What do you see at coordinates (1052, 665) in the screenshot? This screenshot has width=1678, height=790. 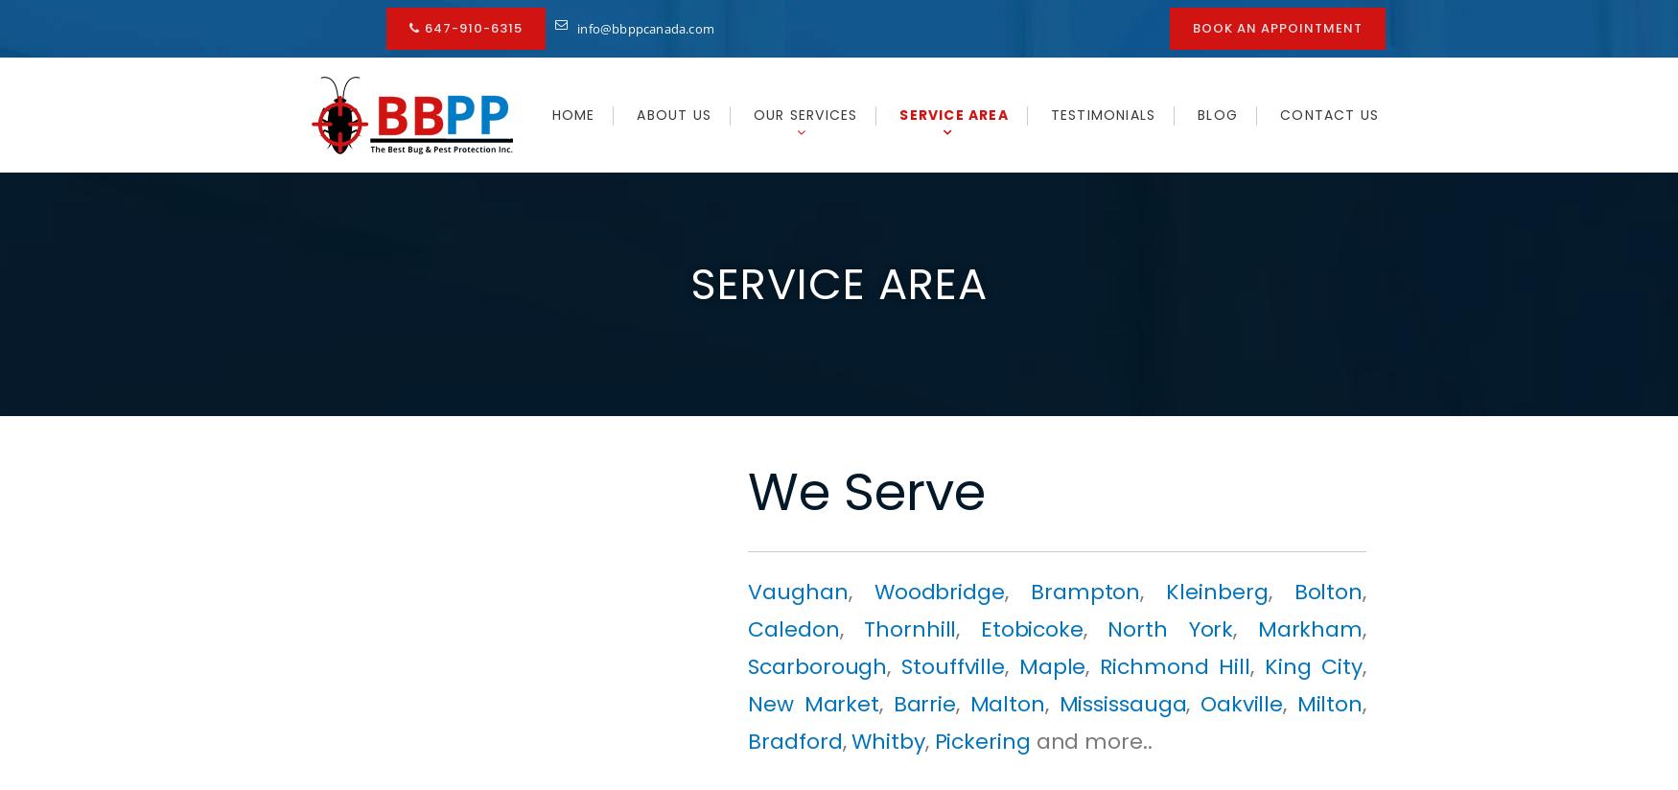 I see `'Maple'` at bounding box center [1052, 665].